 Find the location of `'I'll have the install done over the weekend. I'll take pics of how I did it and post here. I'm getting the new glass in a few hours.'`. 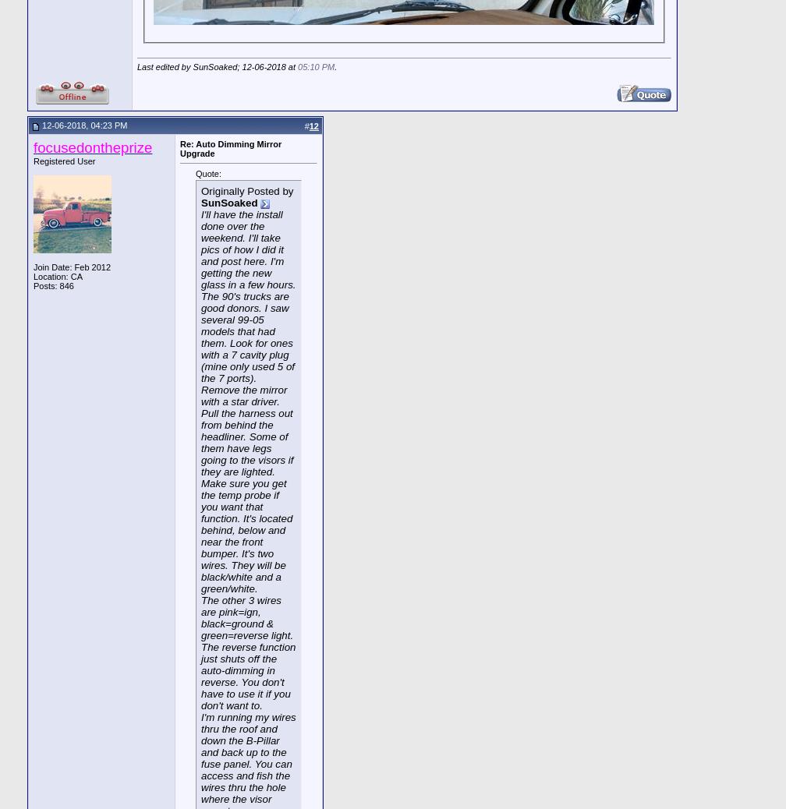

'I'll have the install done over the weekend. I'll take pics of how I did it and post here. I'm getting the new glass in a few hours.' is located at coordinates (248, 249).